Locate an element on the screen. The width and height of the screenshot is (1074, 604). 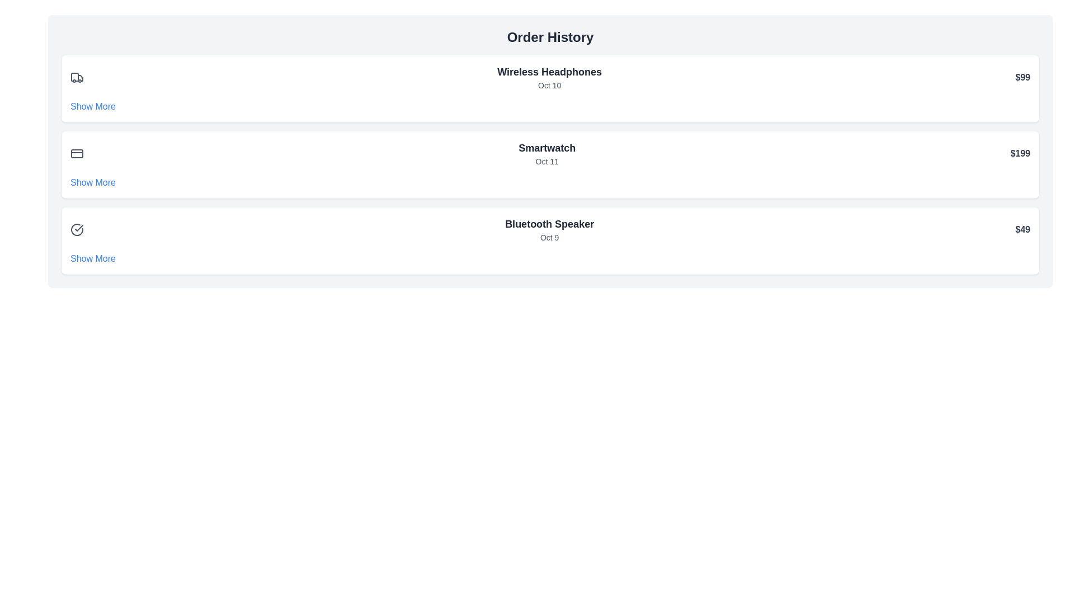
the List Item displaying 'Bluetooth Speaker', which includes a checkmark icon, the title 'Bluetooth Speaker', the date 'Oct 9', and the price '$49' in the Order History section is located at coordinates (550, 229).